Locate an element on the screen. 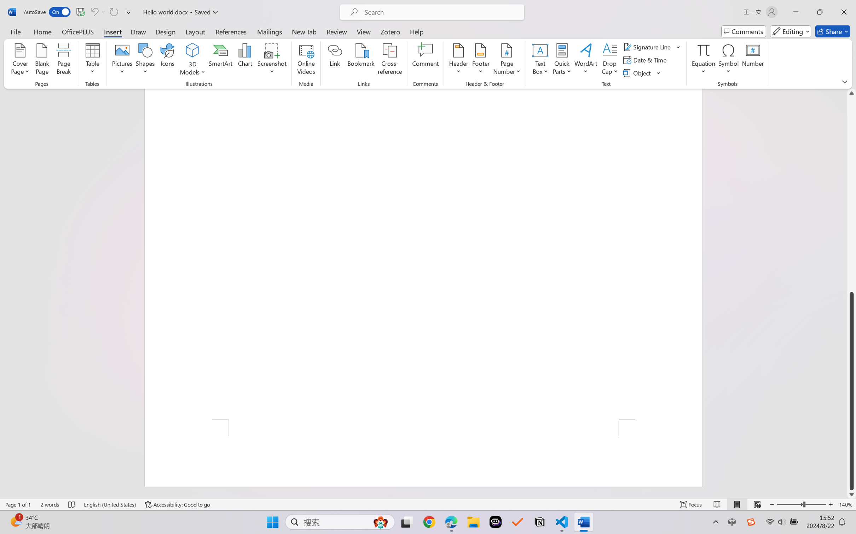 The height and width of the screenshot is (534, 856). 'File Tab' is located at coordinates (15, 31).